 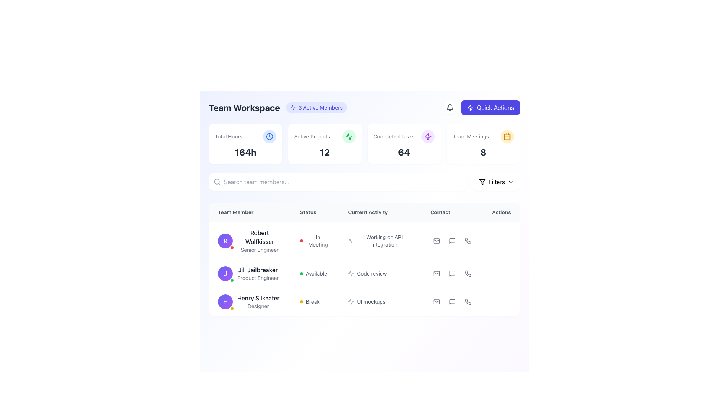 I want to click on the gray envelope icon in the 'Contact' column under the 'Team Member' section for Robert Wolfkisser, so click(x=437, y=241).